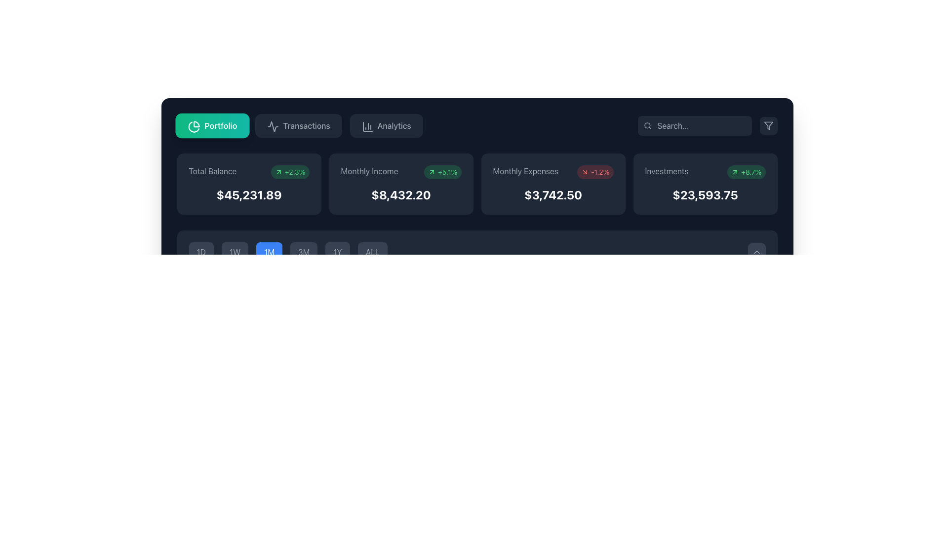 The image size is (948, 533). Describe the element at coordinates (194, 126) in the screenshot. I see `the pie chart icon located in the left section of the top navigation bar, adjacent to the 'Portfolio' label` at that location.